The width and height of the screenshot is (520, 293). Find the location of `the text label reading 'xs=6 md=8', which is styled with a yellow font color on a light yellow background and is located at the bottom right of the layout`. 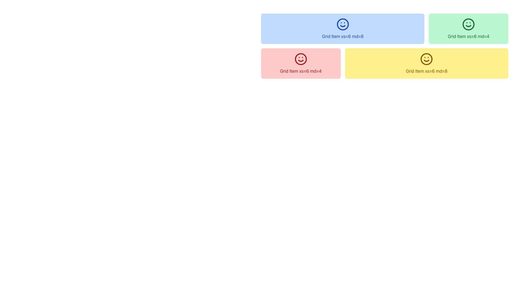

the text label reading 'xs=6 md=8', which is styled with a yellow font color on a light yellow background and is located at the bottom right of the layout is located at coordinates (435, 71).